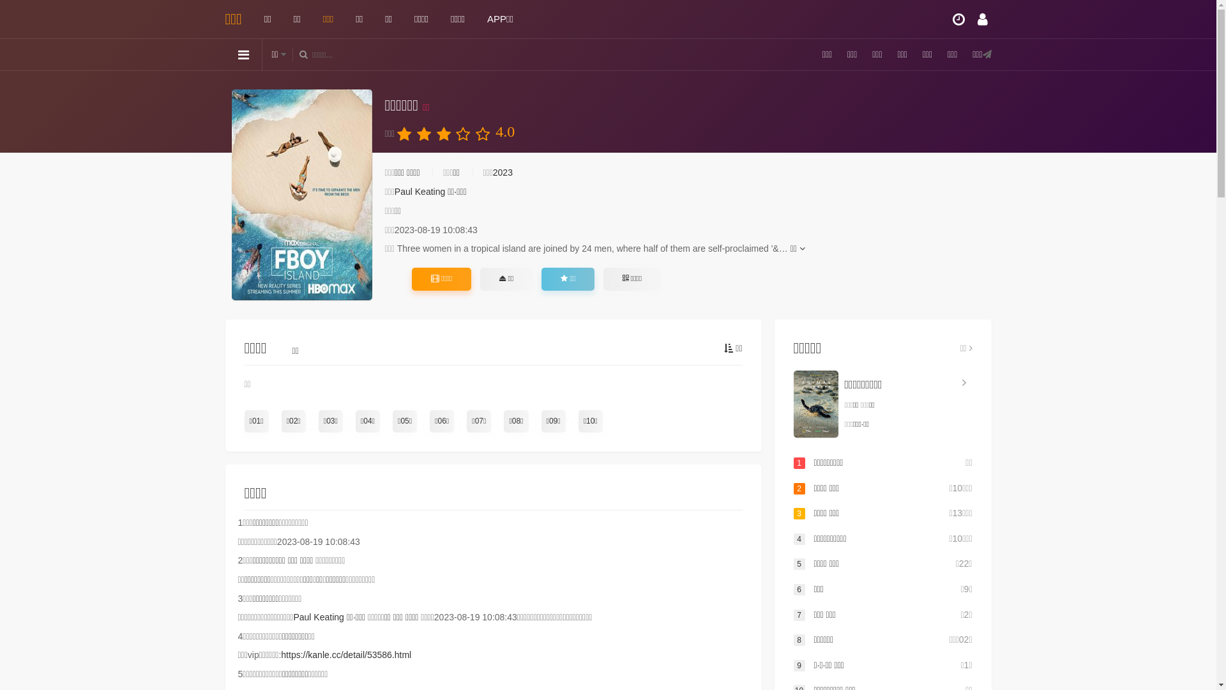 This screenshot has width=1226, height=690. I want to click on '2023', so click(502, 172).